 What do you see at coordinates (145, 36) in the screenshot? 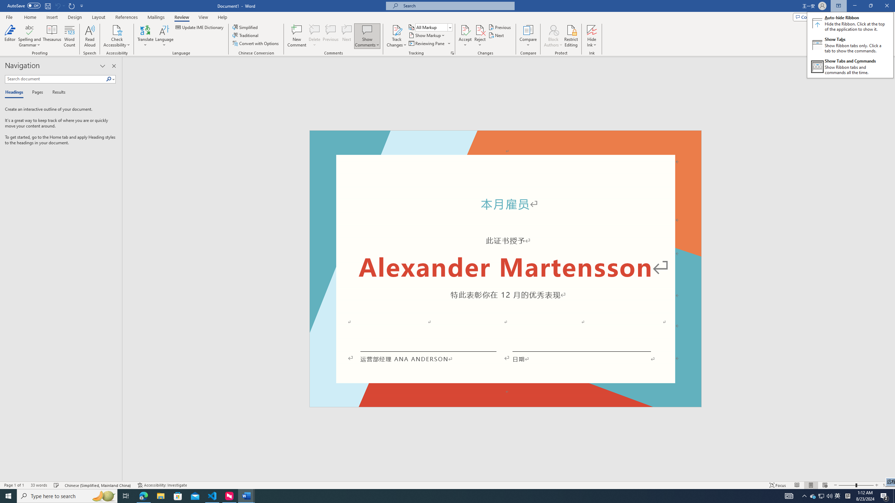
I see `'Translate'` at bounding box center [145, 36].